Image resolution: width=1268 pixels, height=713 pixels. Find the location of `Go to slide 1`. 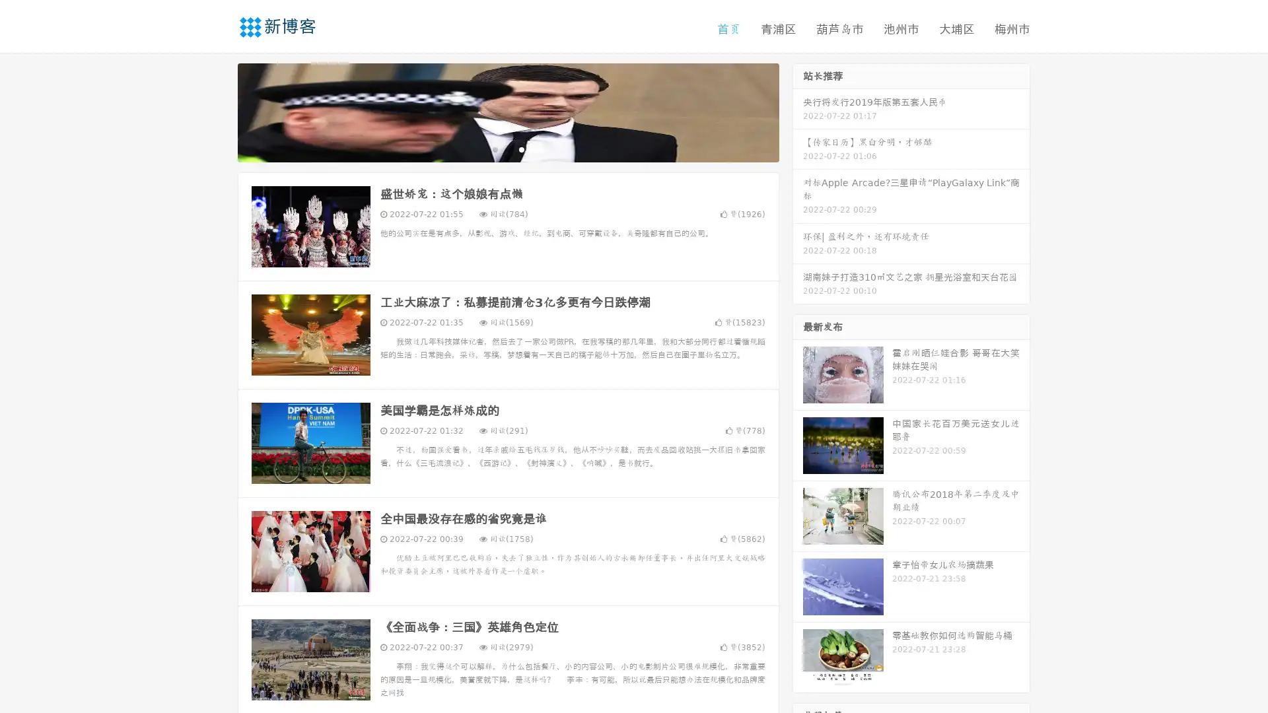

Go to slide 1 is located at coordinates (494, 149).